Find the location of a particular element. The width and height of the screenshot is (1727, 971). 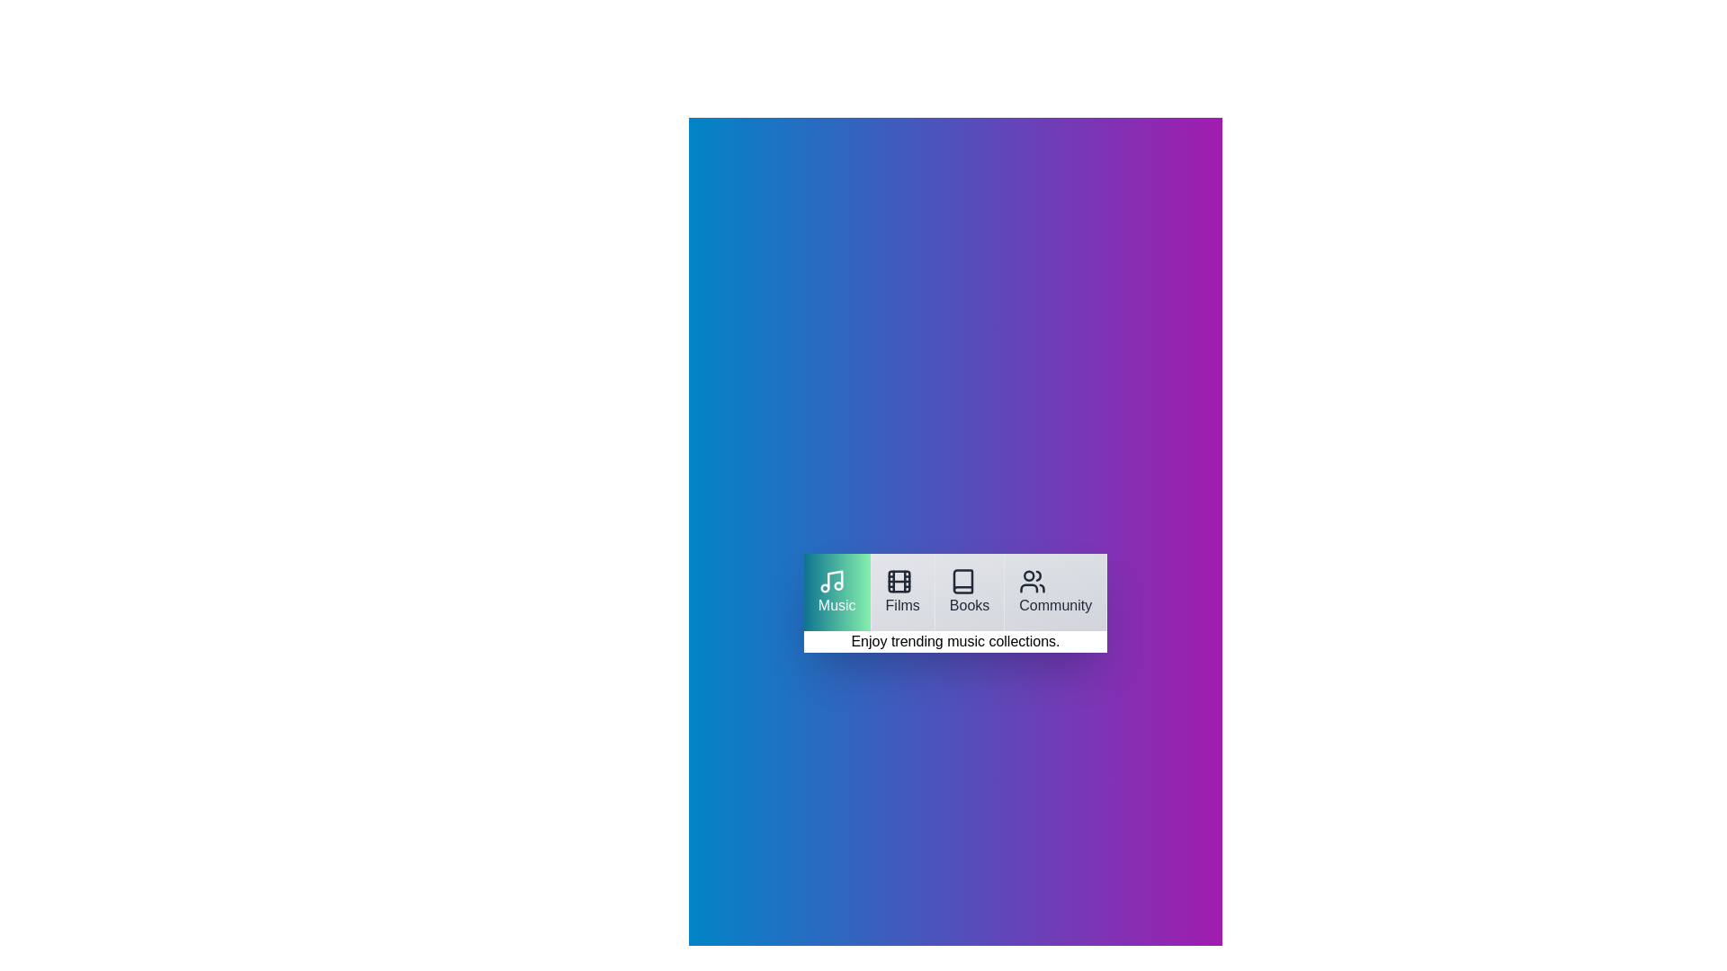

the contents of the text label that describes the navigation option for 'Books' located in the bottom center of the page is located at coordinates (969, 605).